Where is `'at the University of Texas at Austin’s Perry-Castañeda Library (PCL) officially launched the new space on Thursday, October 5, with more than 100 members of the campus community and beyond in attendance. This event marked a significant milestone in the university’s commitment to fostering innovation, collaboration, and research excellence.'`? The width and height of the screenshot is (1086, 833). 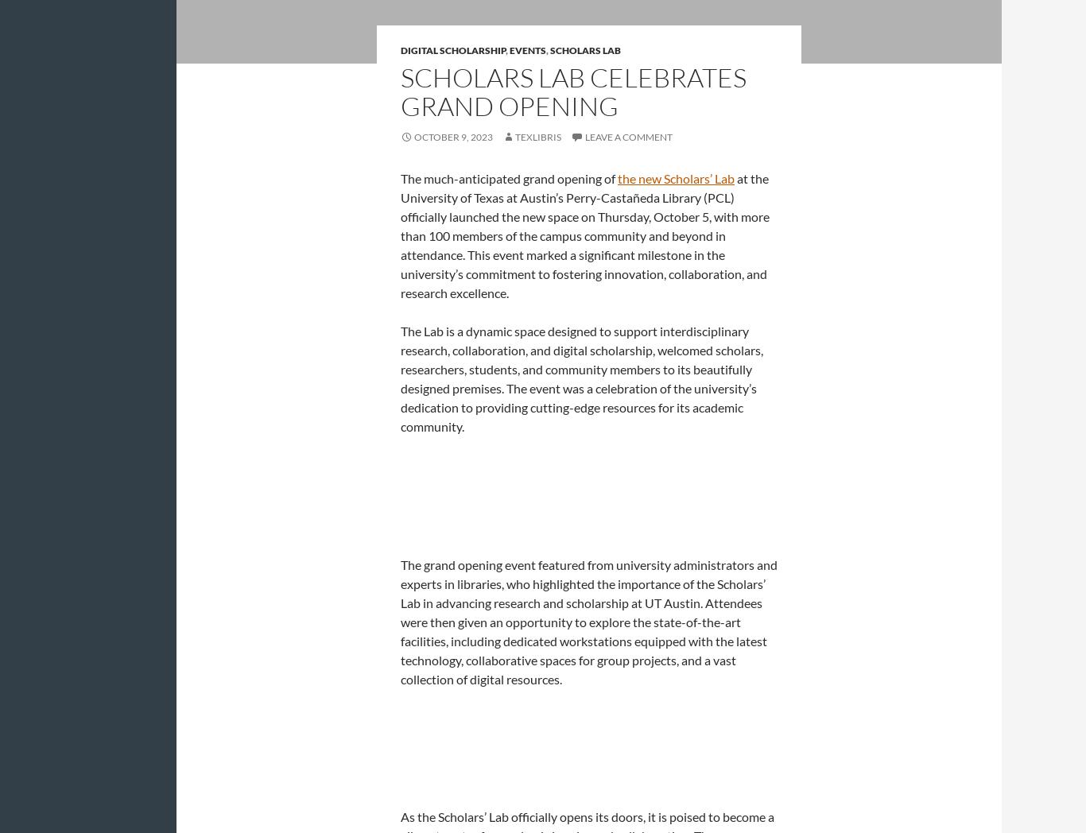
'at the University of Texas at Austin’s Perry-Castañeda Library (PCL) officially launched the new space on Thursday, October 5, with more than 100 members of the campus community and beyond in attendance. This event marked a significant milestone in the university’s commitment to fostering innovation, collaboration, and research excellence.' is located at coordinates (585, 234).